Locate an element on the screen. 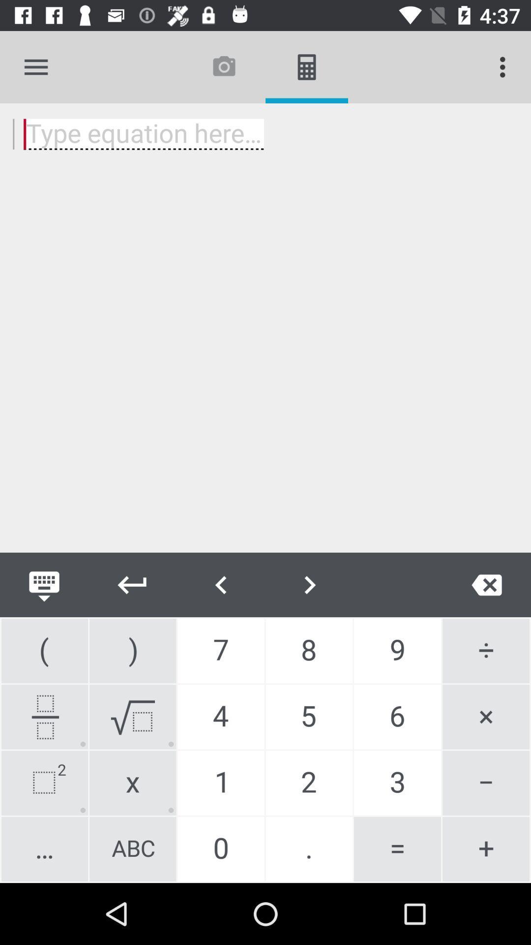 The height and width of the screenshot is (945, 531). the arrow_forward icon is located at coordinates (309, 585).